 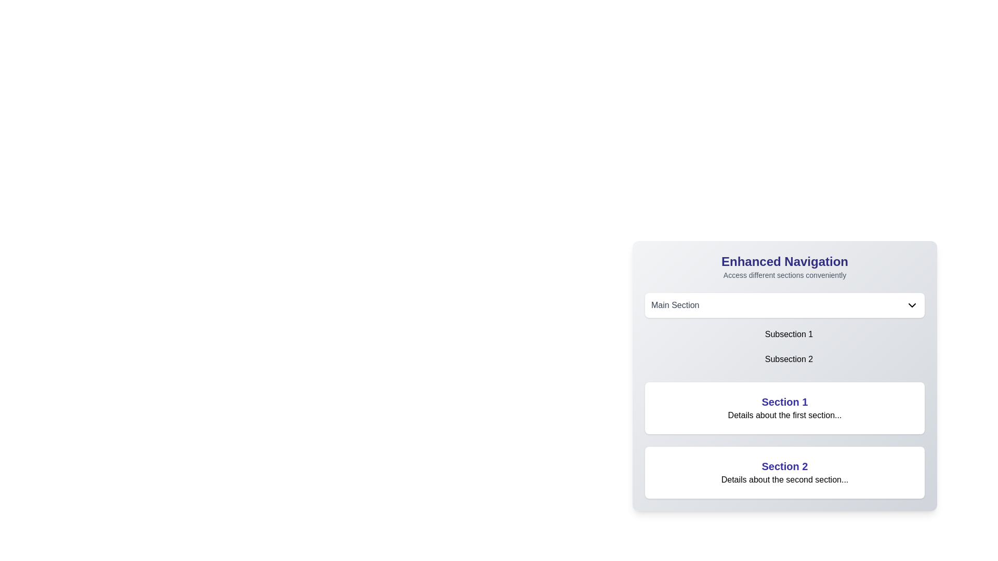 What do you see at coordinates (789, 335) in the screenshot?
I see `the 'Subsection 1' hyperlink element to observe the hover effect on its background color` at bounding box center [789, 335].